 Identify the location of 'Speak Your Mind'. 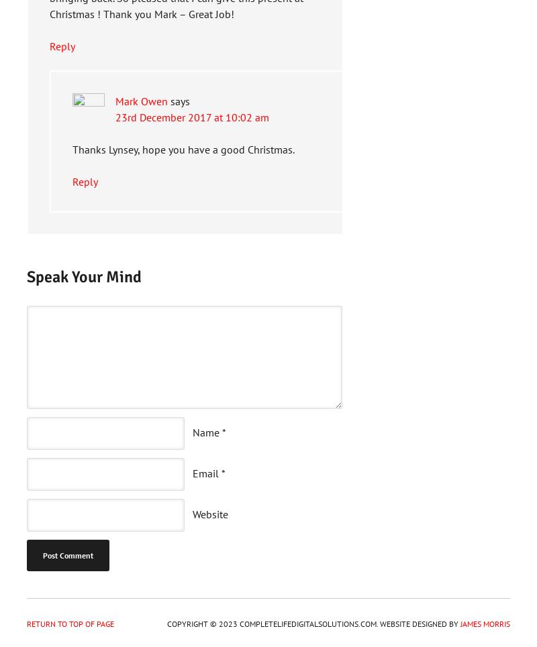
(83, 277).